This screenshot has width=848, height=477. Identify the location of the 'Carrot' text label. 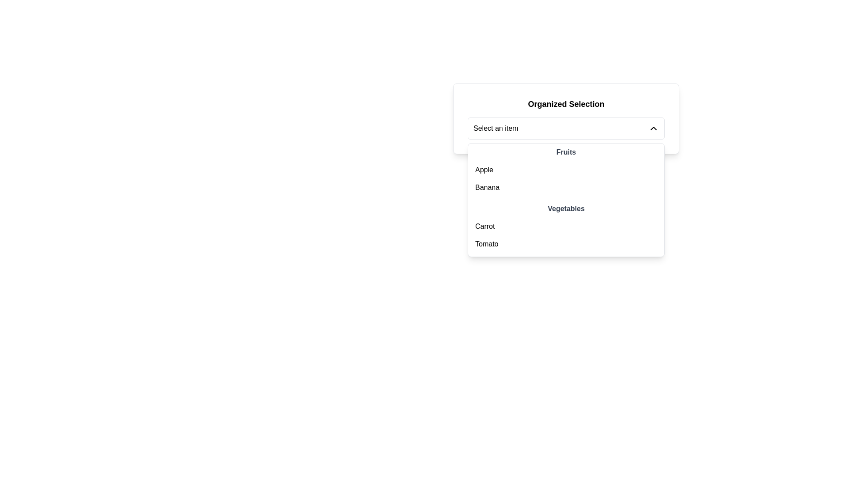
(485, 226).